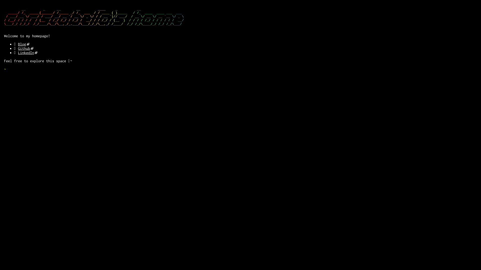  What do you see at coordinates (27, 52) in the screenshot?
I see `'LinkedIn'` at bounding box center [27, 52].